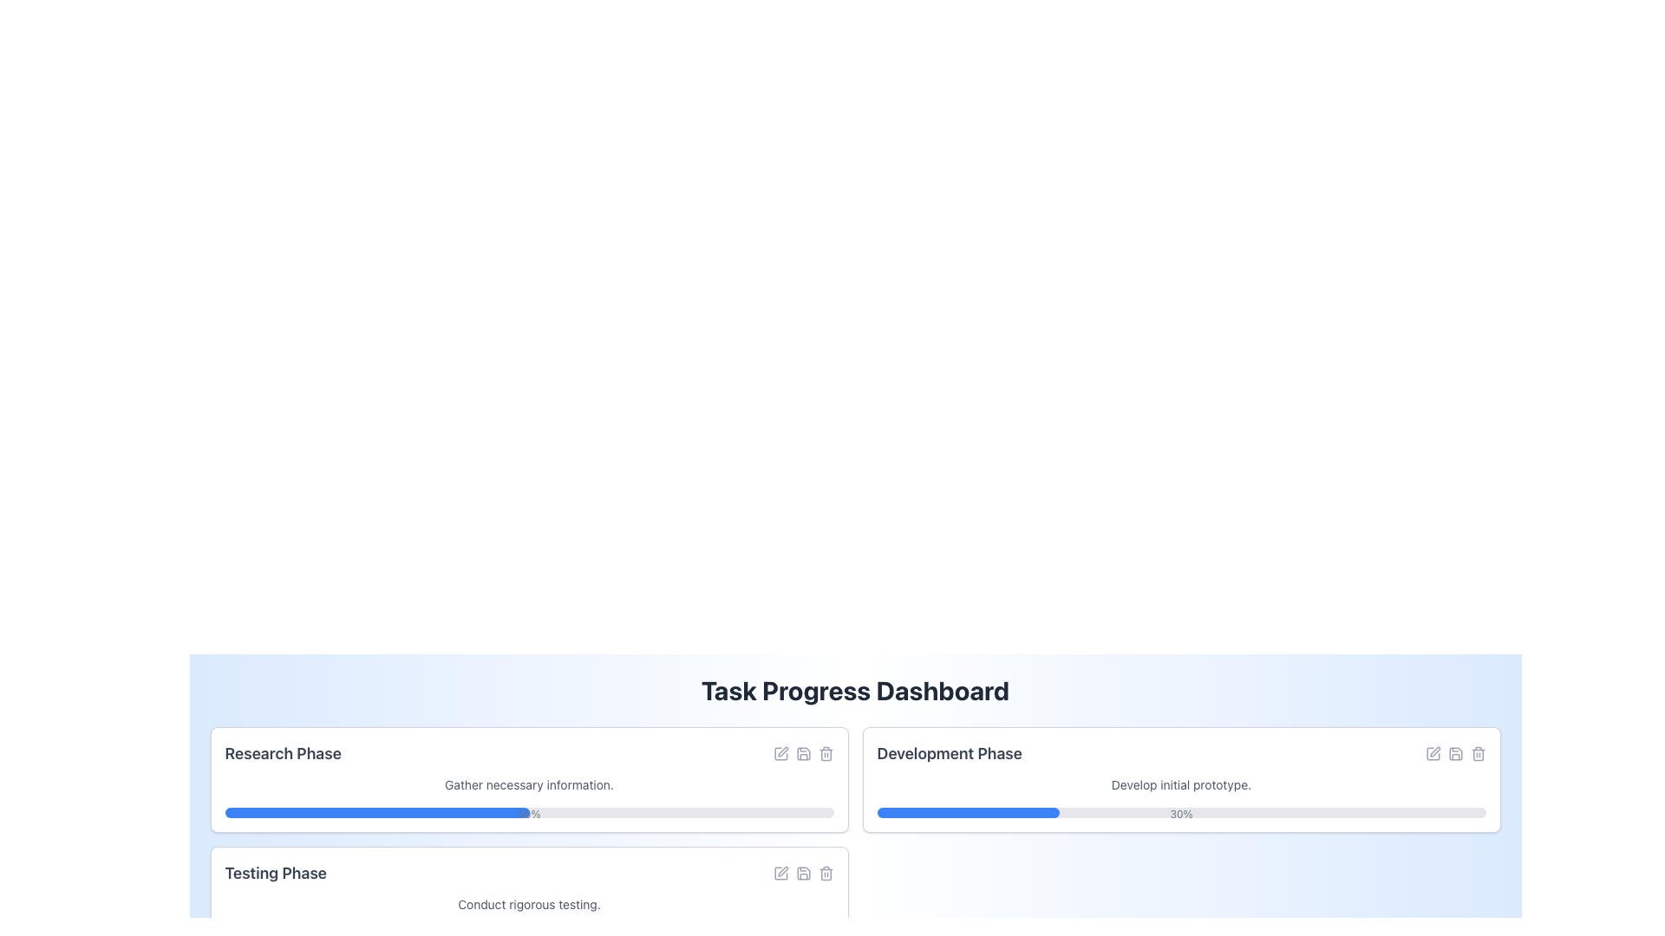  Describe the element at coordinates (1433, 753) in the screenshot. I see `the edit button for the task 'Develop initial prototype', which is the first icon in a row of three on the right side of the task card` at that location.